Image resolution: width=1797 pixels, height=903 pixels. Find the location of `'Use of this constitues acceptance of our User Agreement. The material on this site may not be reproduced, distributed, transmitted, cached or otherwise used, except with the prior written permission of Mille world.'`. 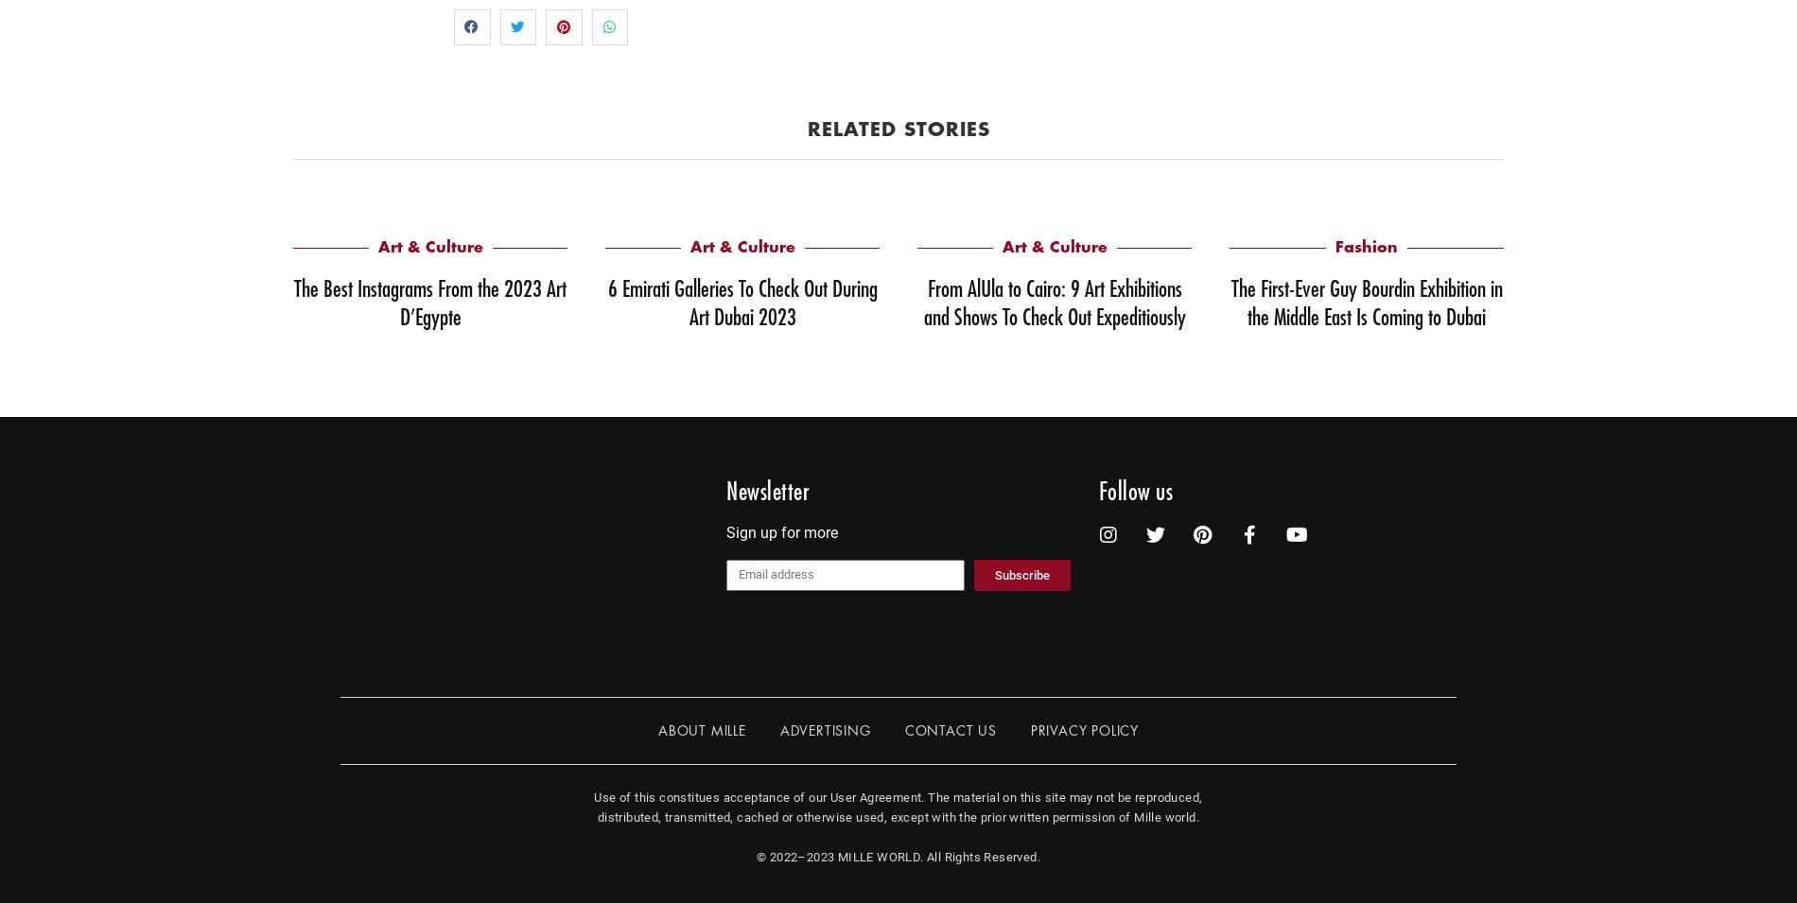

'Use of this constitues acceptance of our User Agreement. The material on this site may not be reproduced, distributed, transmitted, cached or otherwise used, except with the prior written permission of Mille world.' is located at coordinates (897, 807).